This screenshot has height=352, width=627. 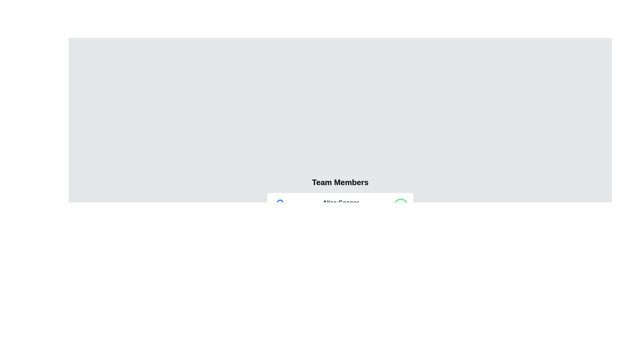 I want to click on the toggle button for 'Alice Cooper' in the 'Team Members' section, so click(x=401, y=206).